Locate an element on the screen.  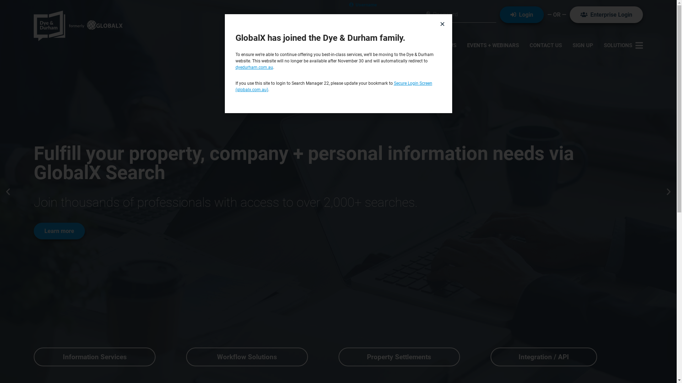
'  Login' is located at coordinates (521, 15).